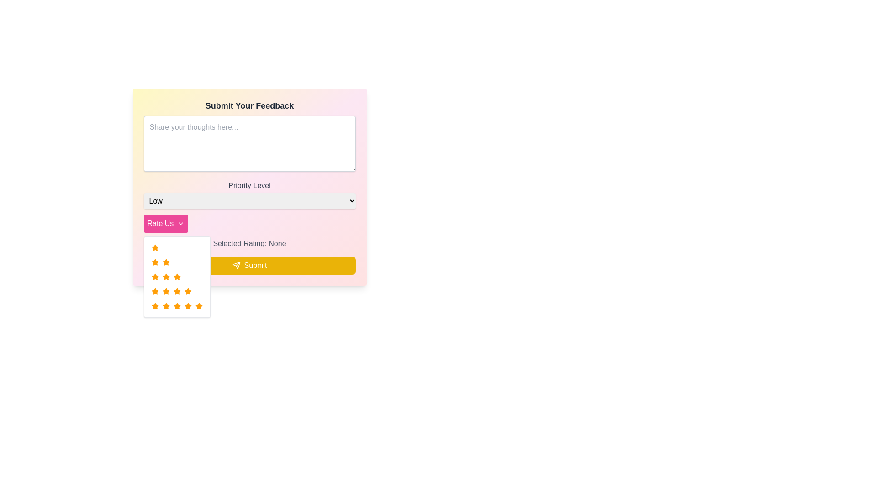  What do you see at coordinates (177, 291) in the screenshot?
I see `the orange star-shaped rating icon located in the second row and second column of the star grid in the feedback form to rate it` at bounding box center [177, 291].